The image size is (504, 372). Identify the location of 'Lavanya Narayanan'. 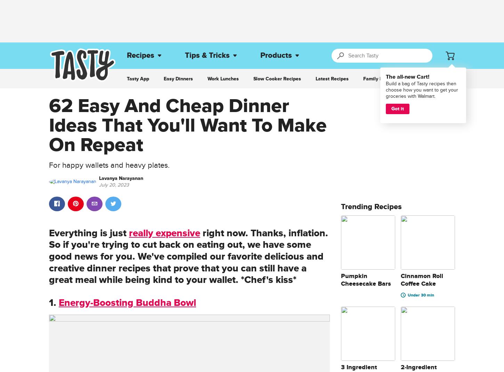
(121, 178).